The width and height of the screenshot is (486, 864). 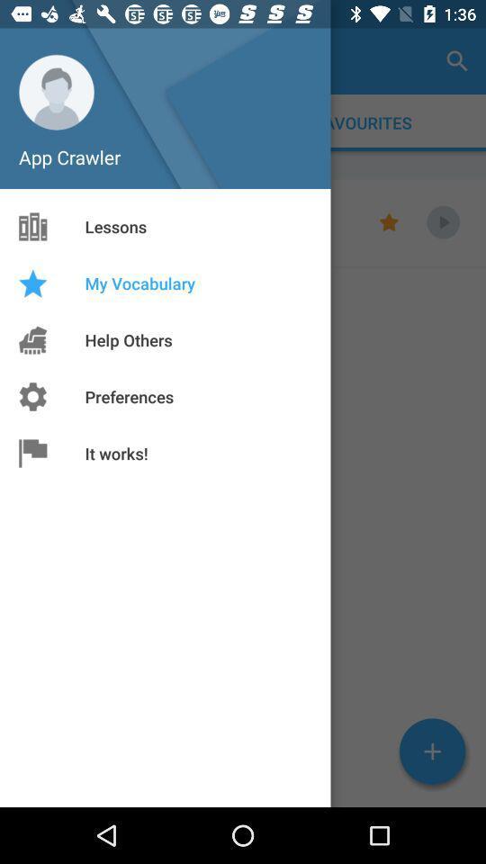 What do you see at coordinates (431, 751) in the screenshot?
I see `the add icon` at bounding box center [431, 751].